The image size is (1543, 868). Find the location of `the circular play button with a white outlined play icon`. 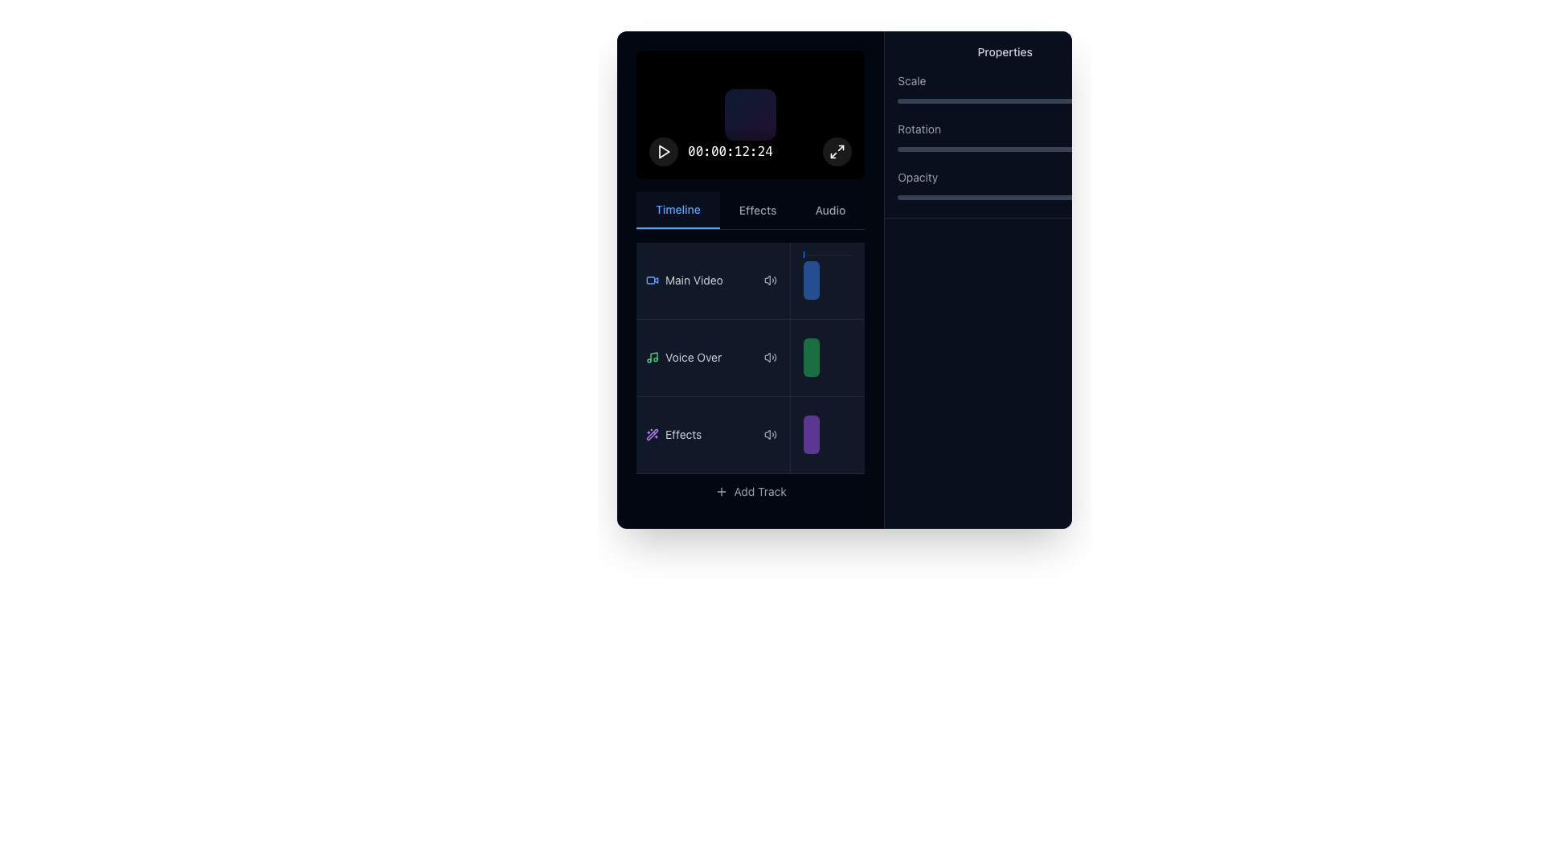

the circular play button with a white outlined play icon is located at coordinates (663, 151).